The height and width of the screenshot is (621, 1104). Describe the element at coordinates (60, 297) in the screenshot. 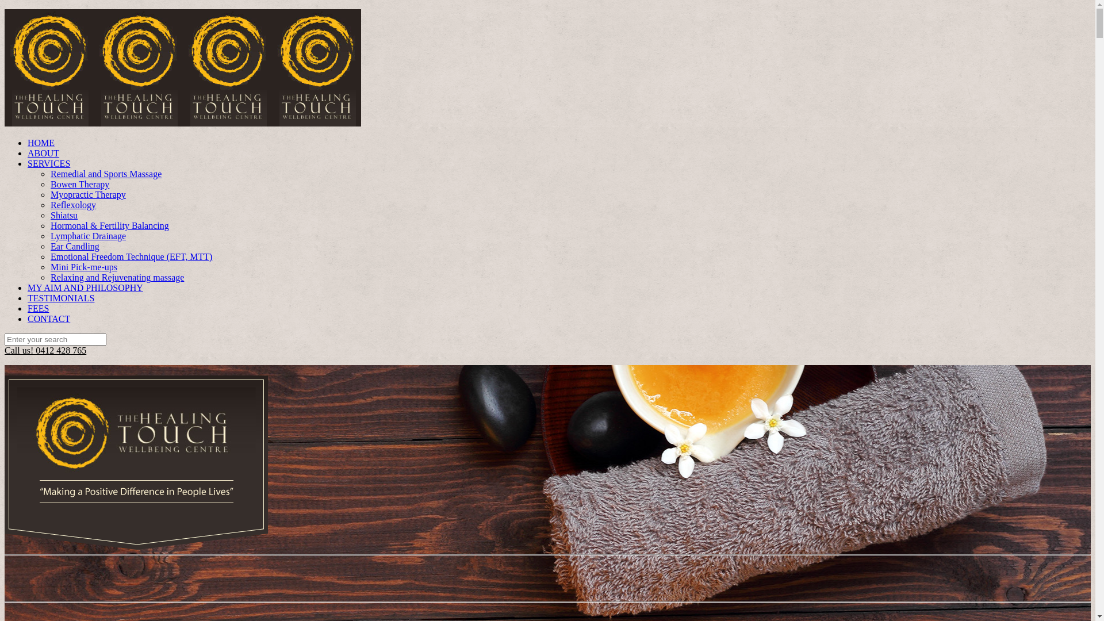

I see `'TESTIMONIALS'` at that location.